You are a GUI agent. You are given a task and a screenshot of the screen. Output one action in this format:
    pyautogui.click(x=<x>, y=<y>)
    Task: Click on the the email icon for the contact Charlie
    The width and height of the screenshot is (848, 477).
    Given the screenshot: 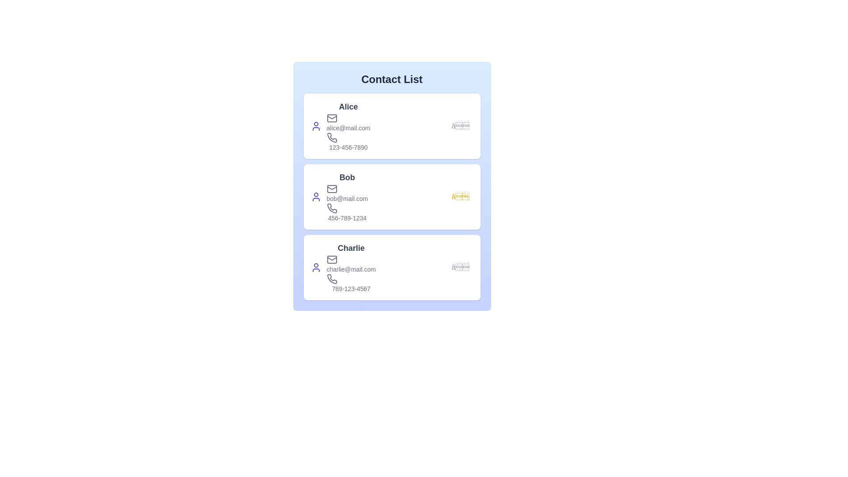 What is the action you would take?
    pyautogui.click(x=331, y=259)
    